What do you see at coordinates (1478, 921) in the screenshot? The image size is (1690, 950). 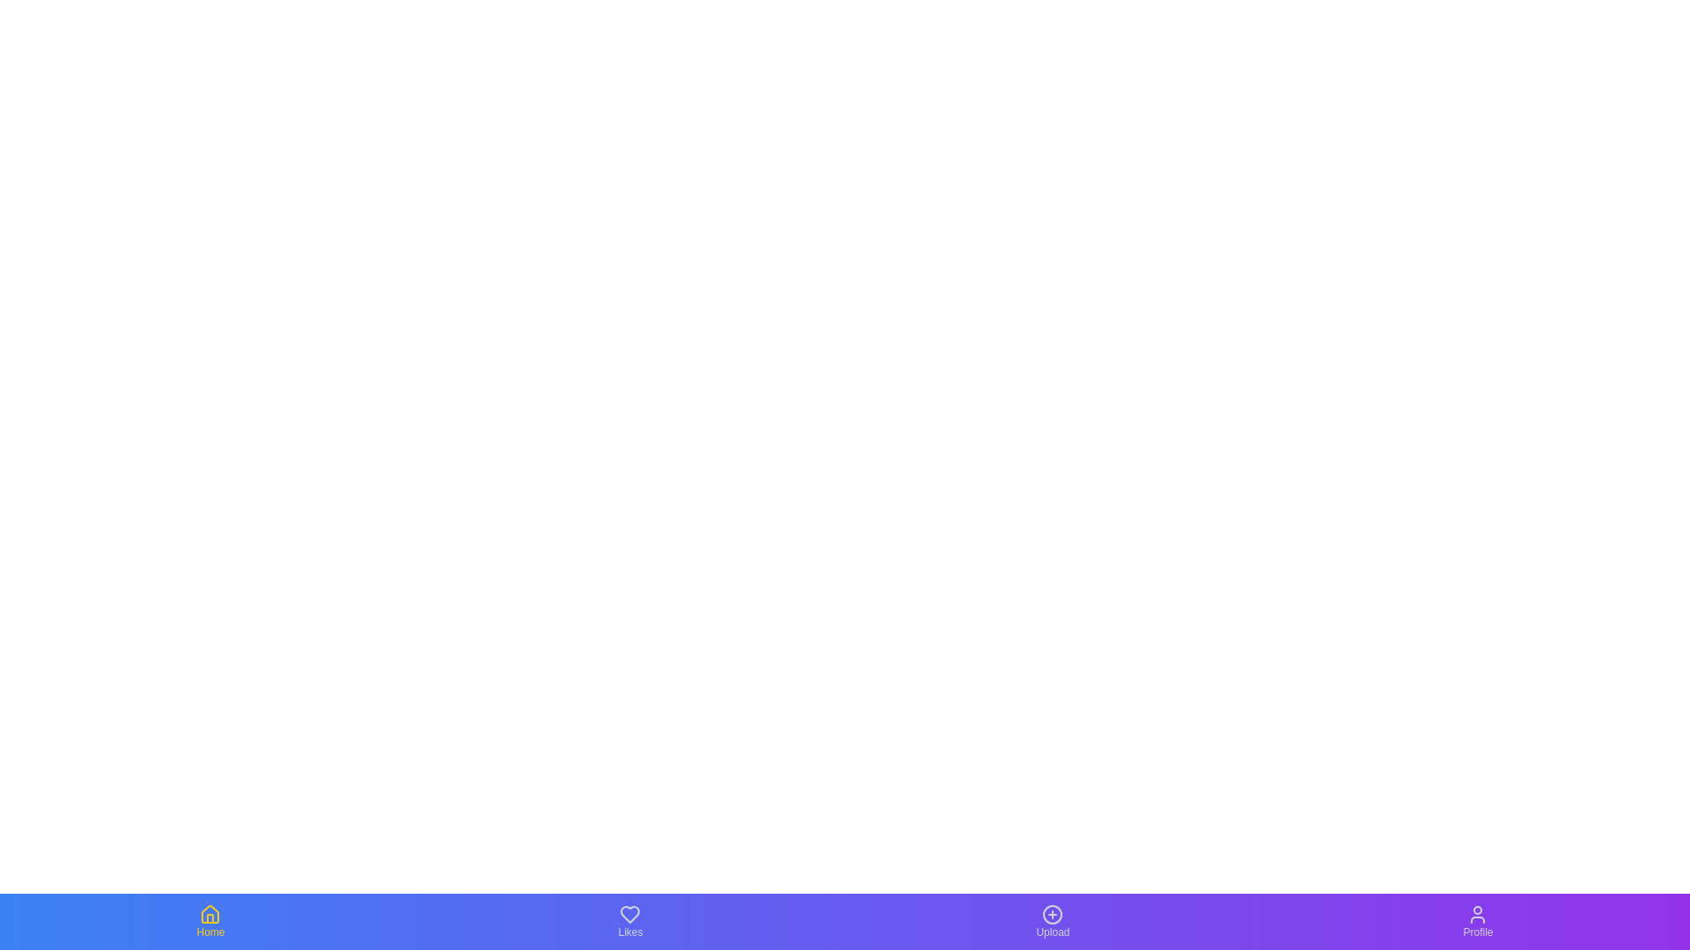 I see `the Profile tab by clicking on it` at bounding box center [1478, 921].